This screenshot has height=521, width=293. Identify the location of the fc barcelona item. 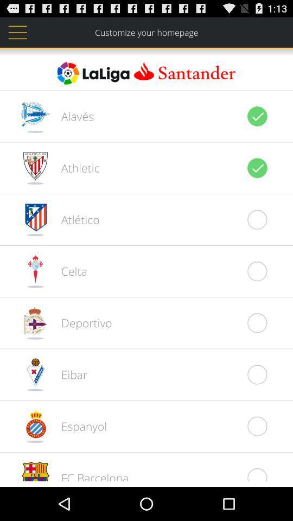
(88, 475).